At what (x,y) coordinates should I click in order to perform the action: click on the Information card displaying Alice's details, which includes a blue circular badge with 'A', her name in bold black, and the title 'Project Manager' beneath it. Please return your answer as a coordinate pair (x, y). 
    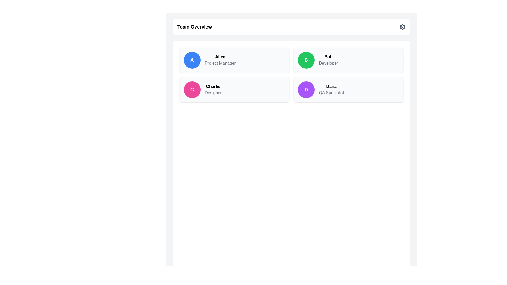
    Looking at the image, I should click on (234, 60).